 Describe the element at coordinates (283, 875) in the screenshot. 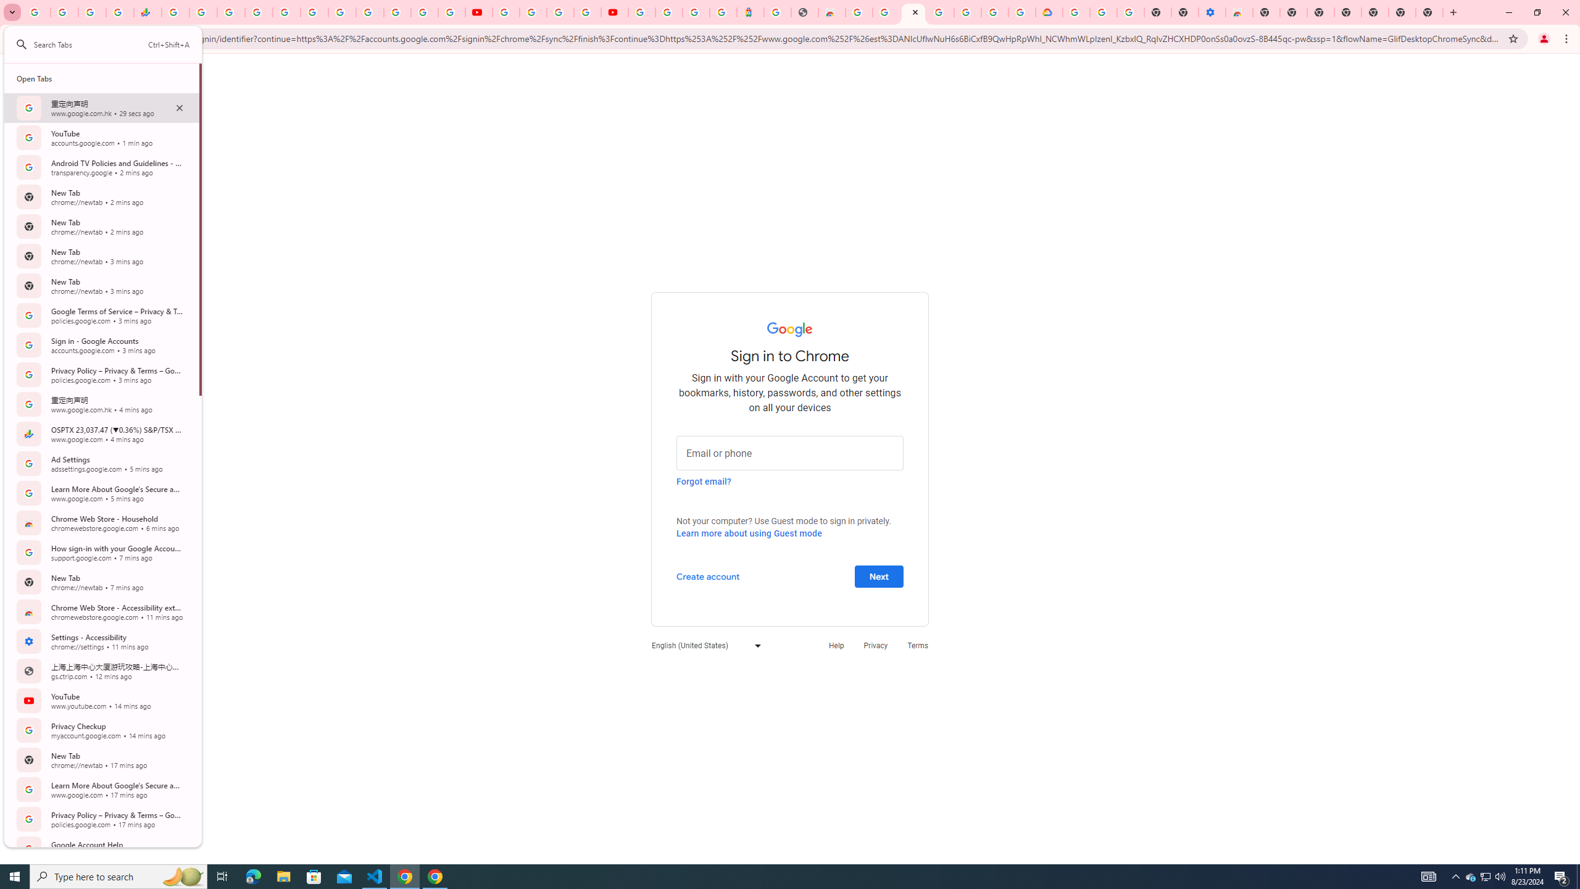

I see `'File Explorer'` at that location.